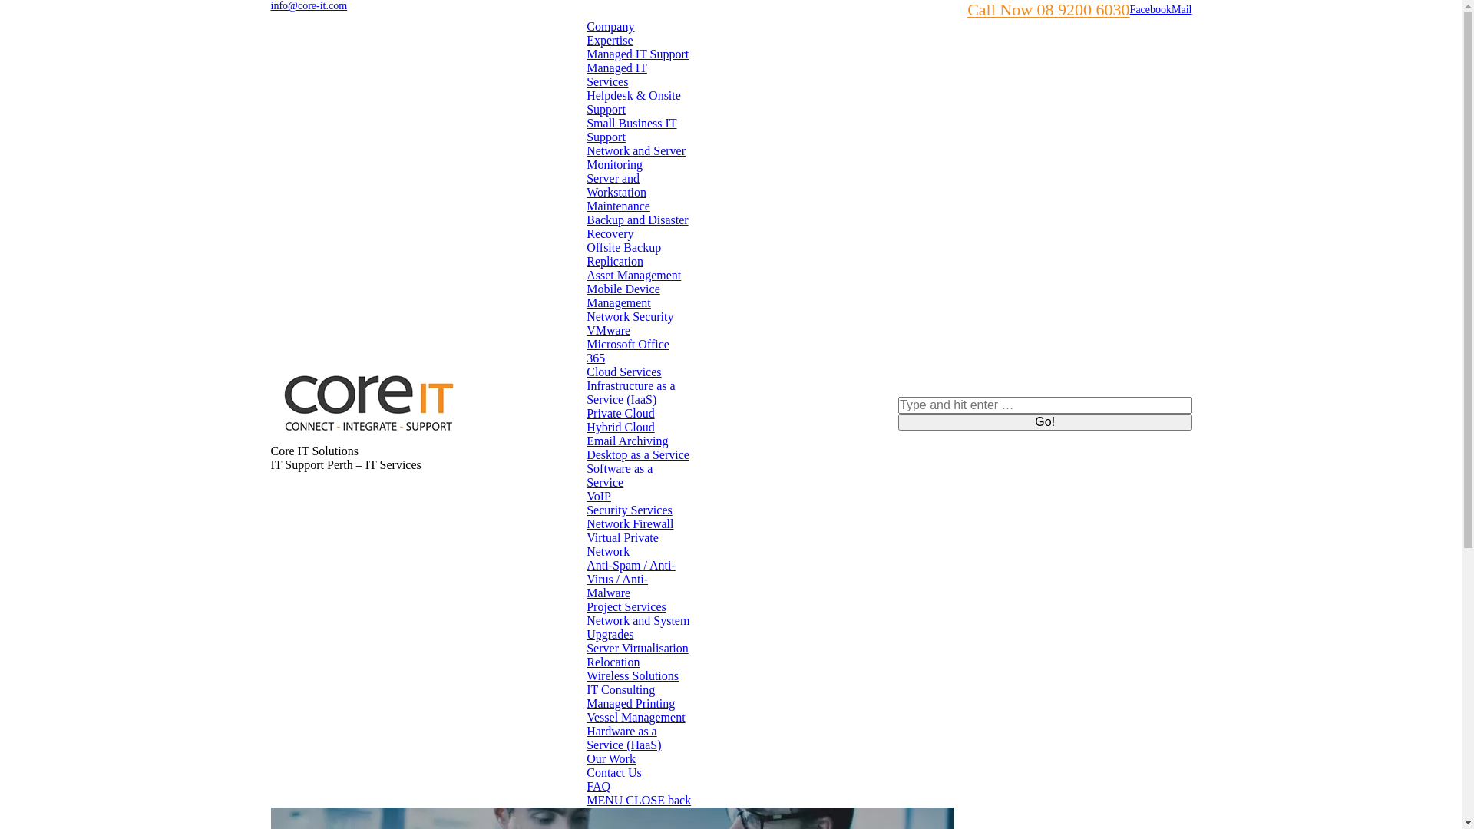 Image resolution: width=1474 pixels, height=829 pixels. Describe the element at coordinates (623, 296) in the screenshot. I see `'Mobile Device Management'` at that location.